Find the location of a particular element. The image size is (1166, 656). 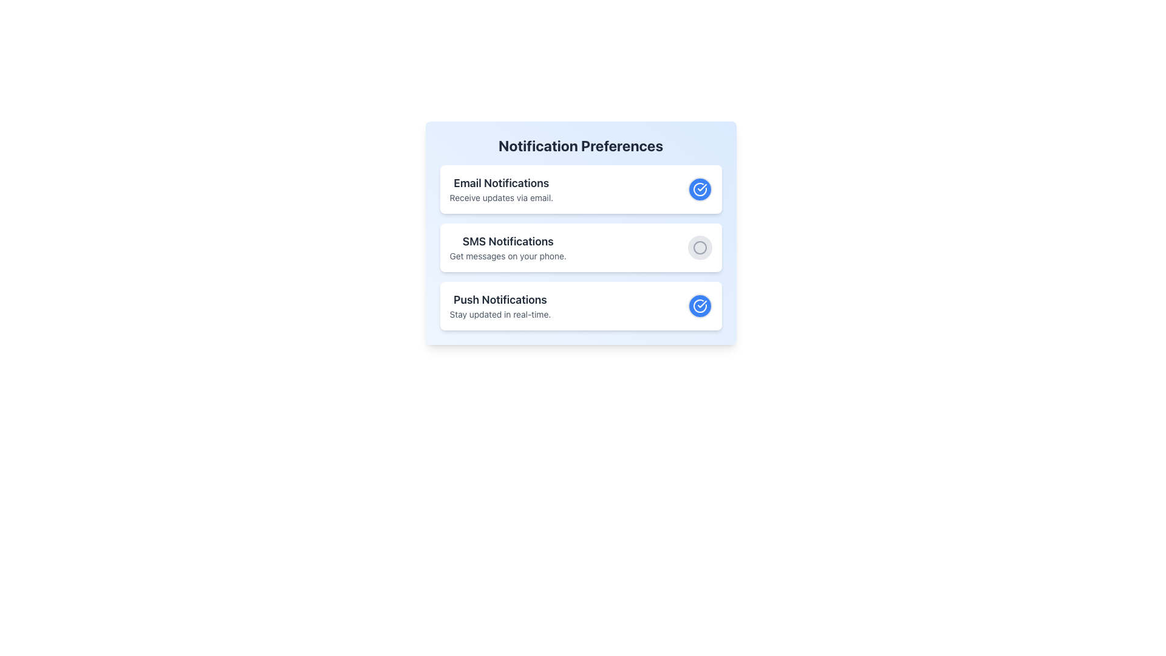

the toggle control on the second Toggleable Card for SMS notifications within the Notification Preferences section is located at coordinates (580, 247).